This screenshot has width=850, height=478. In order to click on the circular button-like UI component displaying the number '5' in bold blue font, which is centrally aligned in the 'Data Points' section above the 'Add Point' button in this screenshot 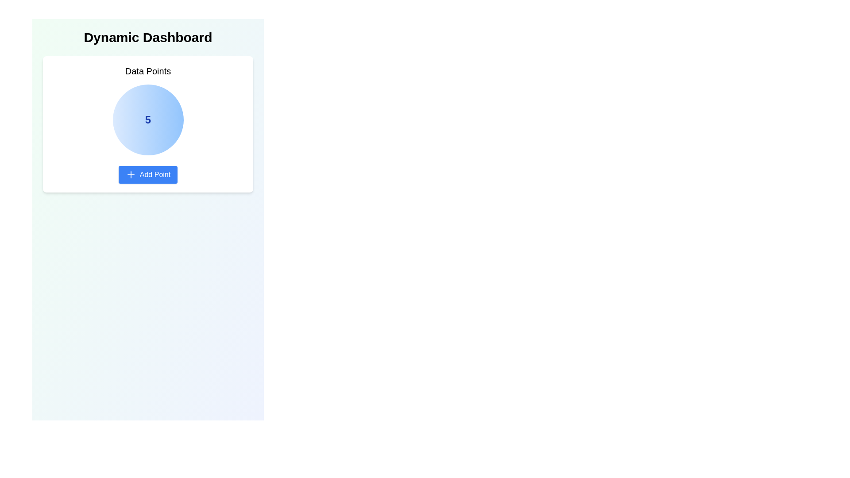, I will do `click(148, 119)`.